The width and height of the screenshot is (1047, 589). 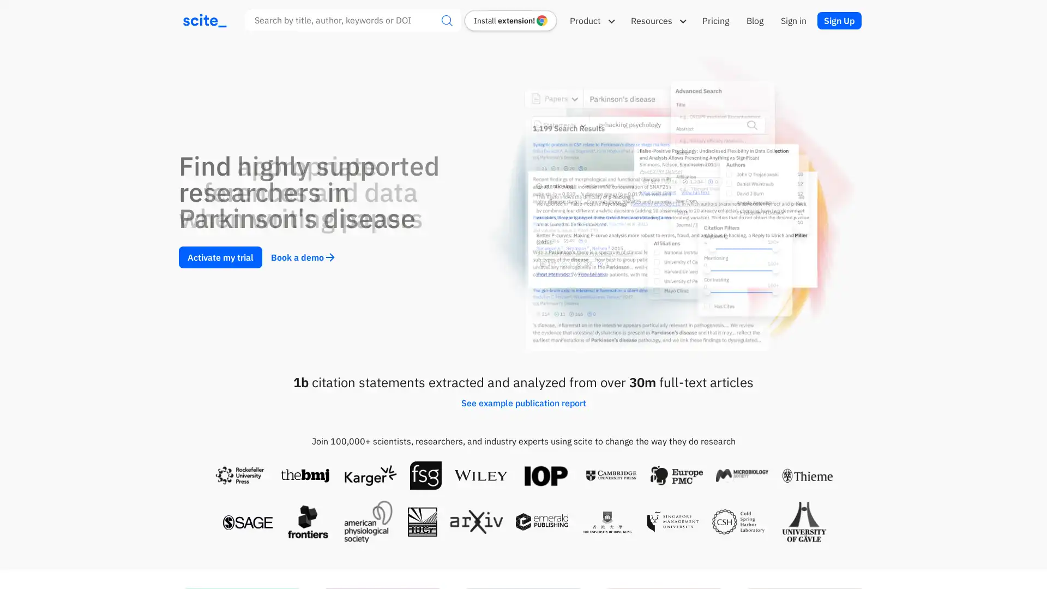 I want to click on Sign Up, so click(x=839, y=20).